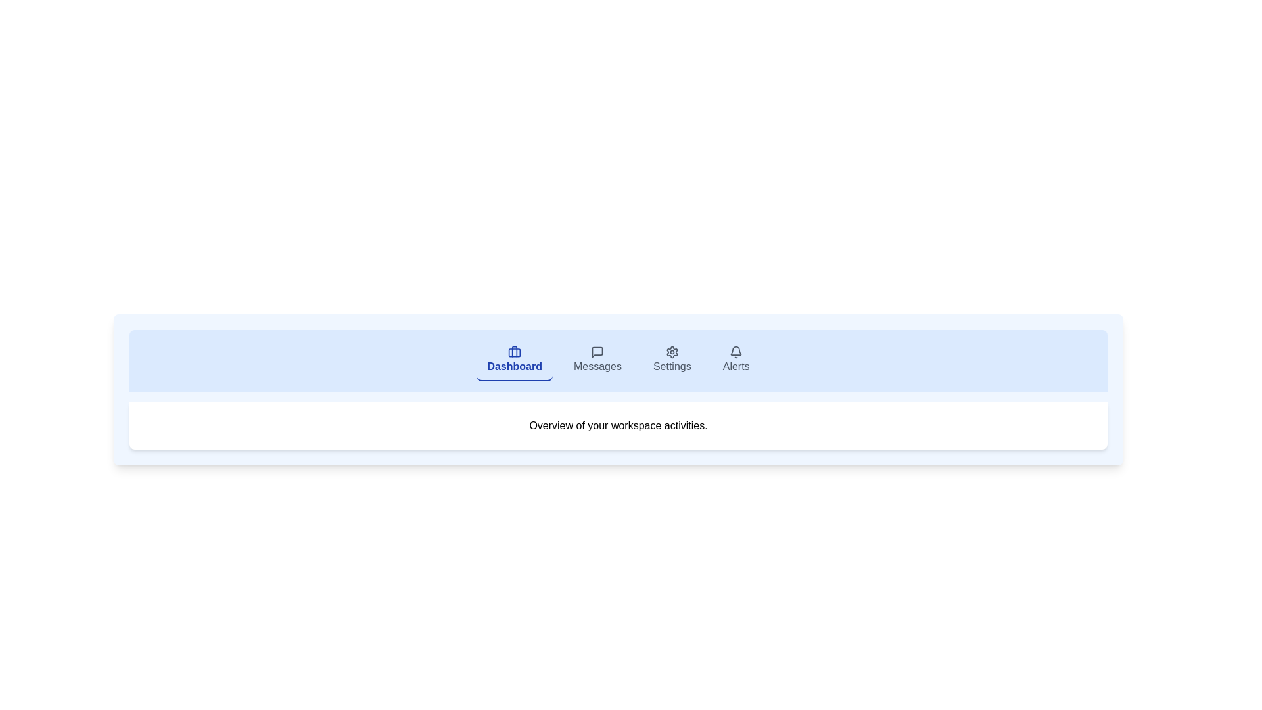  Describe the element at coordinates (513, 360) in the screenshot. I see `the tab labeled Dashboard to observe visual feedback` at that location.